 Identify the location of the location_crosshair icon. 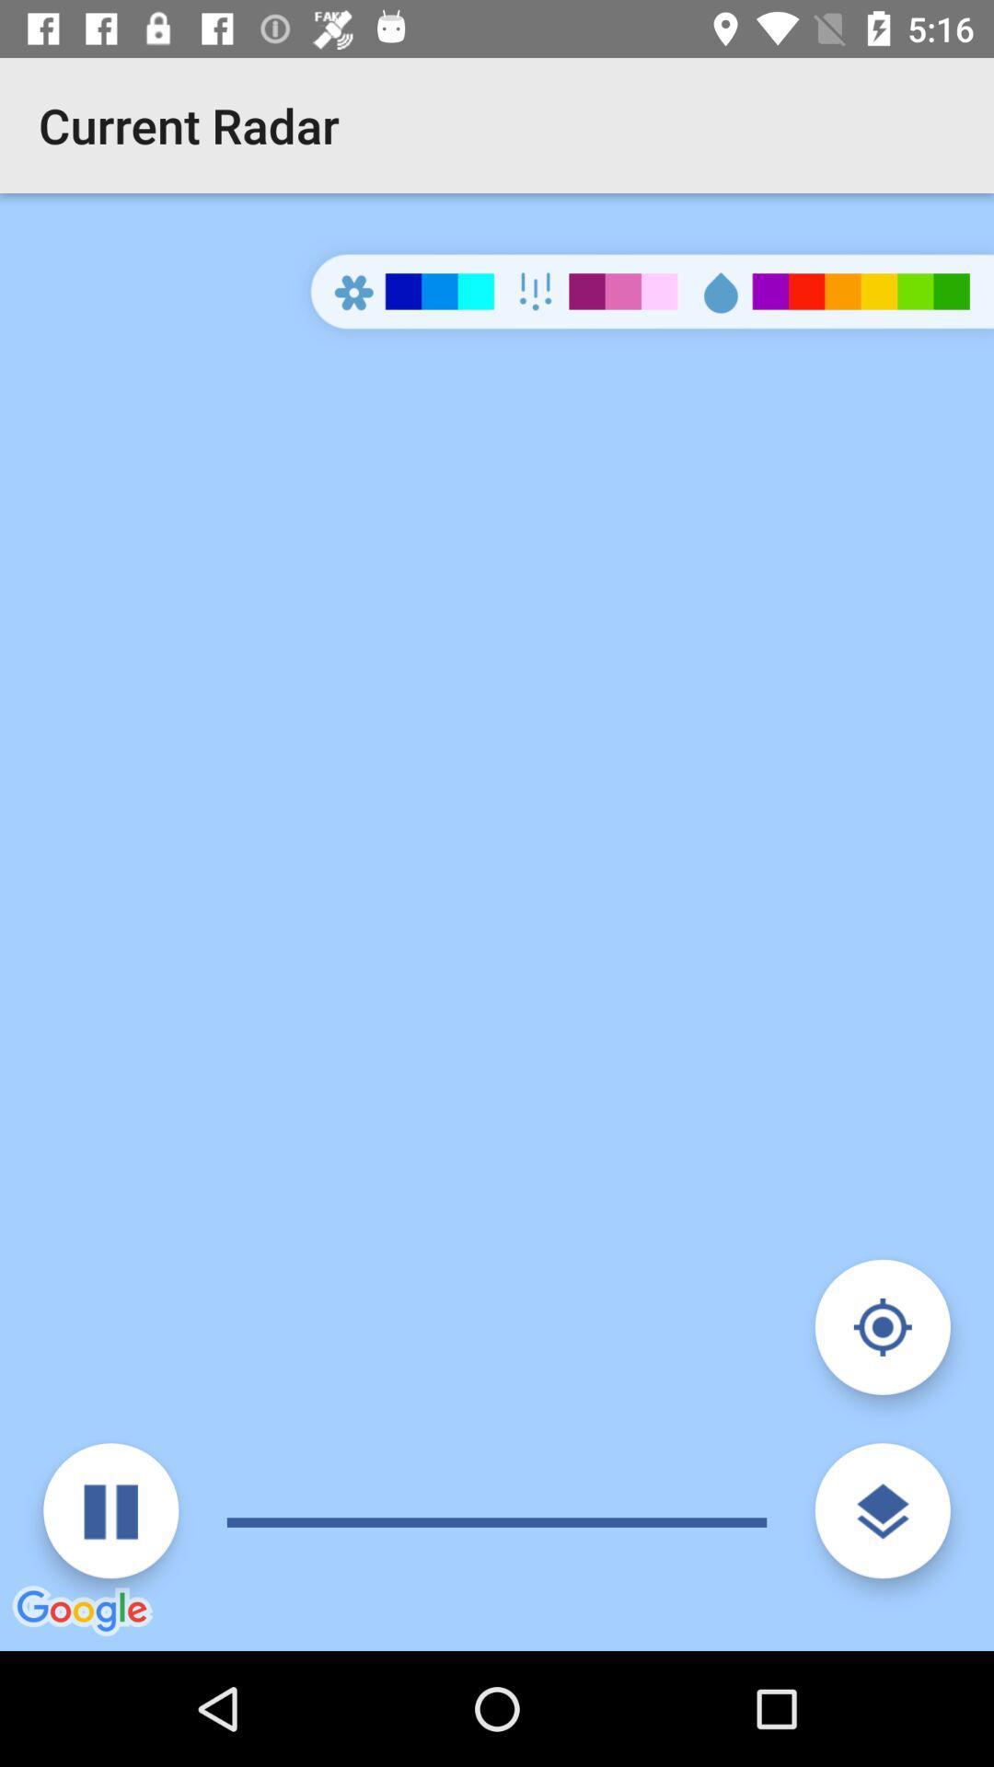
(882, 1327).